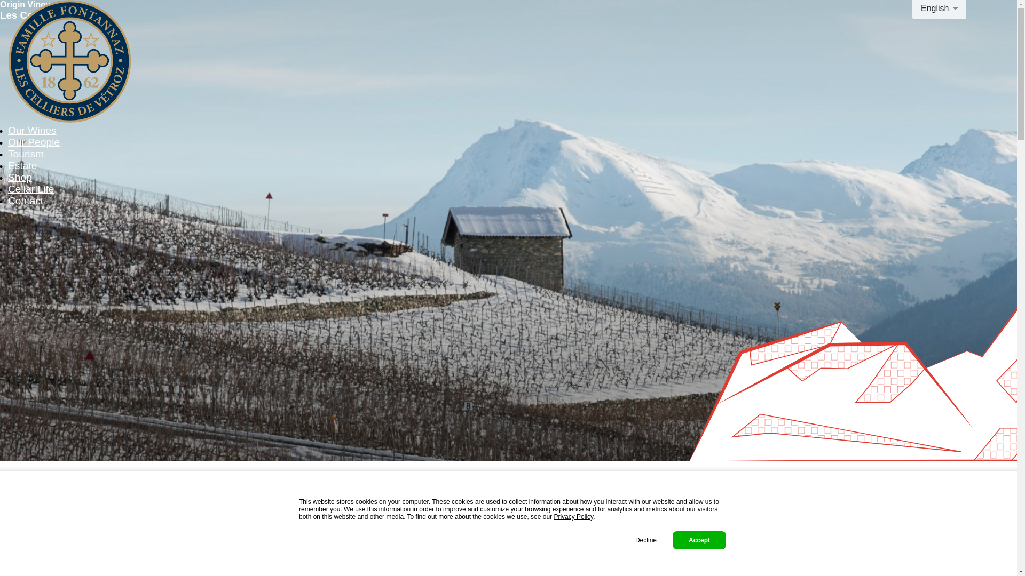 The height and width of the screenshot is (576, 1025). I want to click on 'Privacy Policy', so click(553, 516).